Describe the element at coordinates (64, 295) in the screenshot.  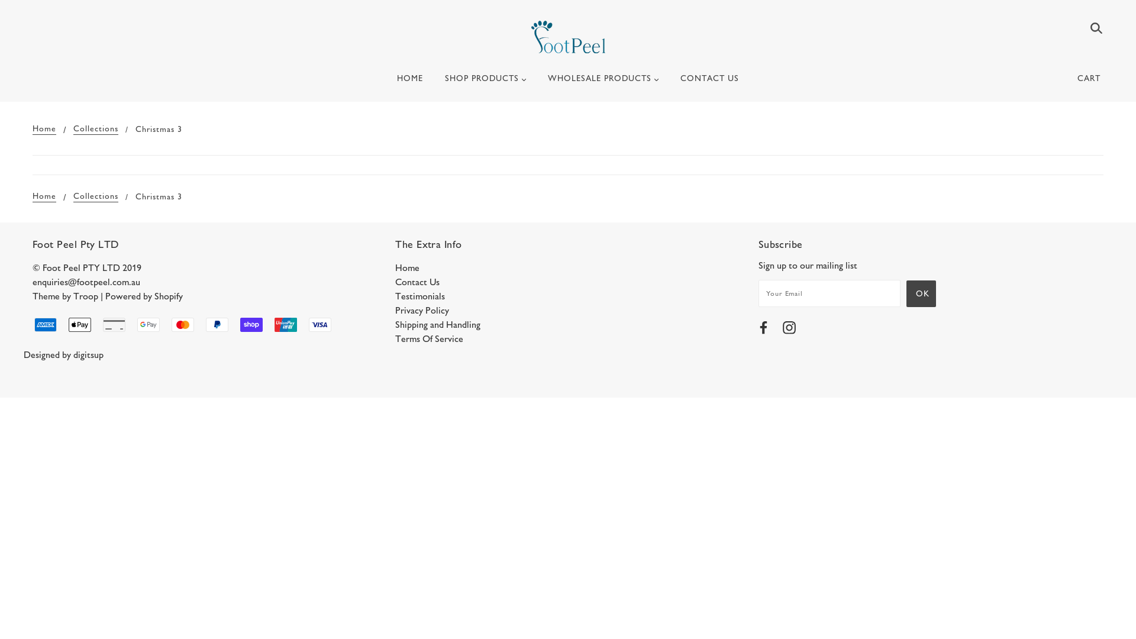
I see `'Theme by Troop'` at that location.